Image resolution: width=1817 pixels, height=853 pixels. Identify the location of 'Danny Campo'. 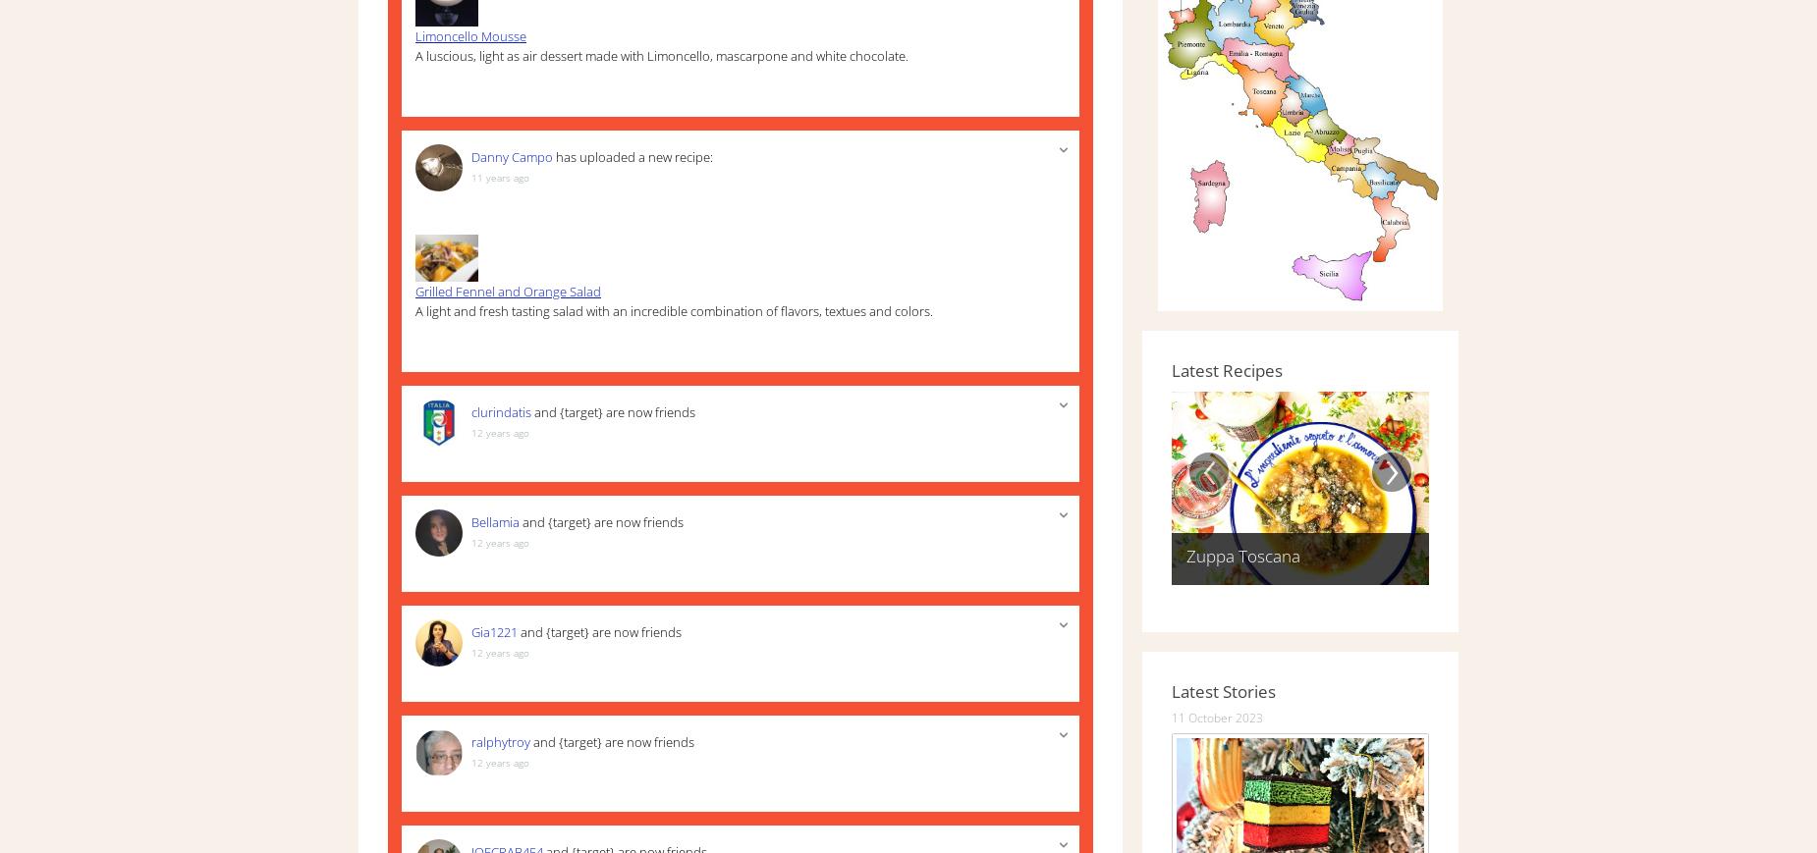
(511, 155).